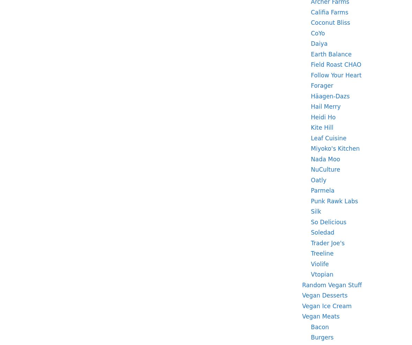  What do you see at coordinates (318, 179) in the screenshot?
I see `'Oatly'` at bounding box center [318, 179].